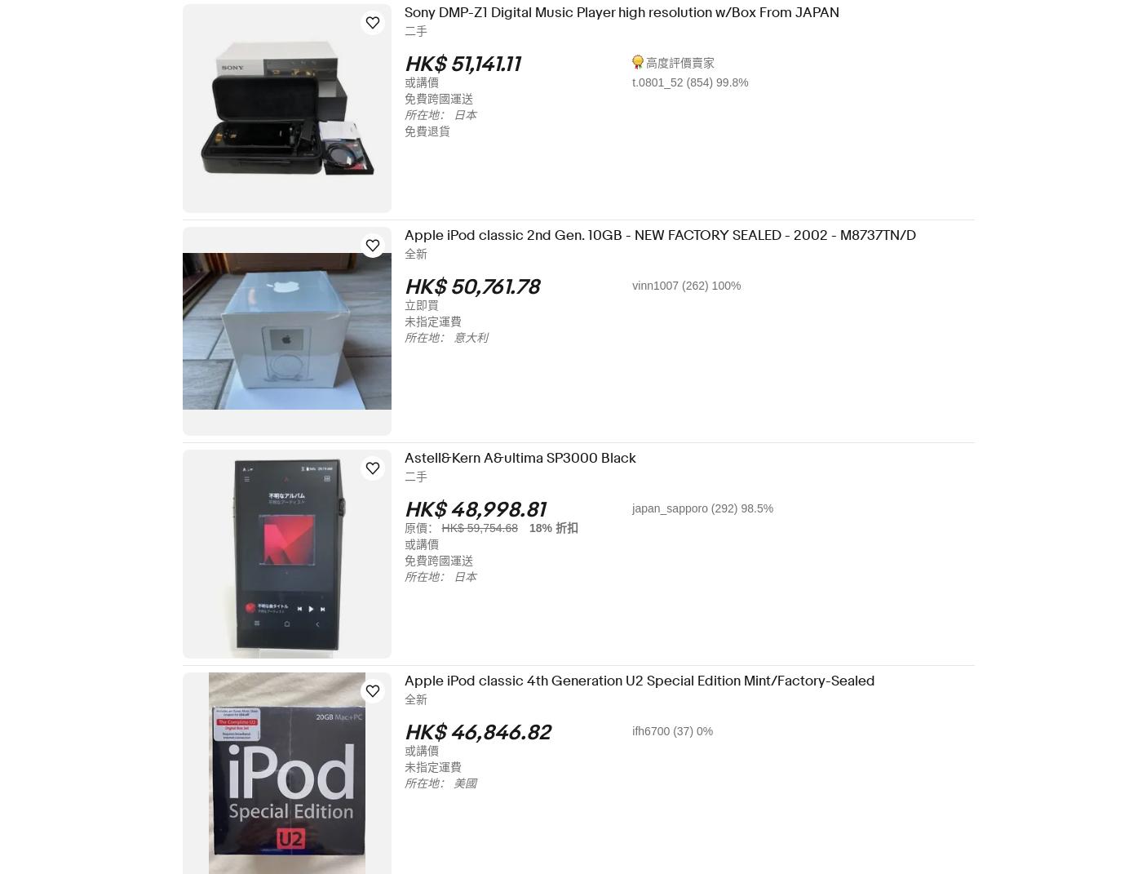 The width and height of the screenshot is (1142, 874). I want to click on 'Apple iPod classic 2nd Gen. 10GB - NEW FACTORY SEALED - 2002 - M8737TN/D', so click(414, 235).